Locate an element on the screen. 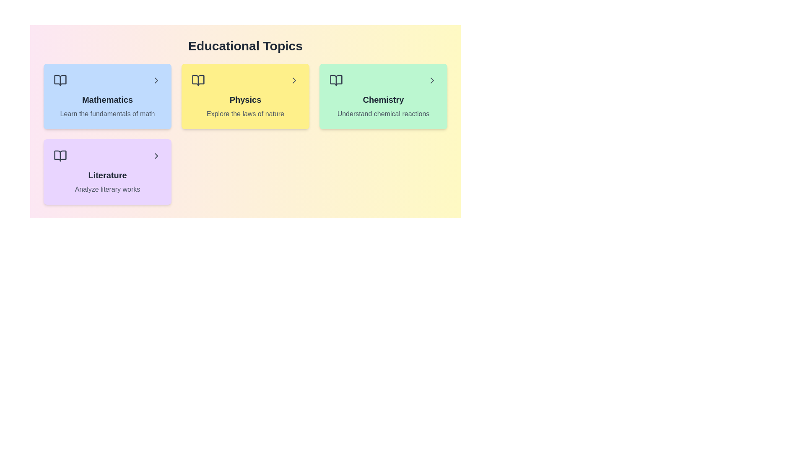 This screenshot has width=805, height=453. the arrow icon for the topic Chemistry is located at coordinates (432, 81).